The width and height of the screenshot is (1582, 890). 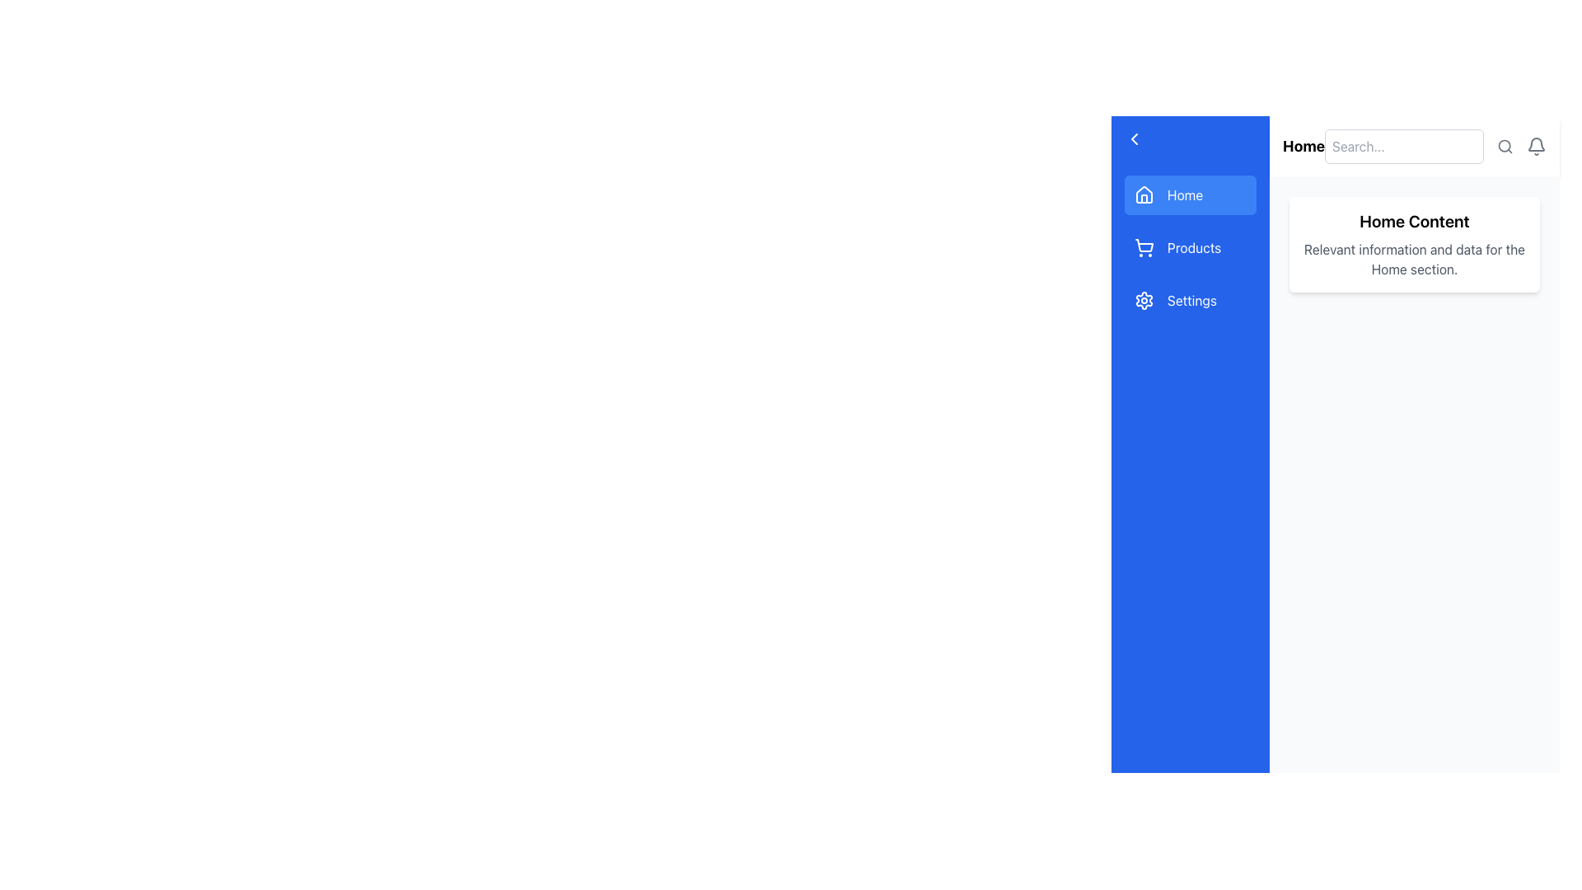 I want to click on the third menu item in the navigation menu located in the left sidebar, so click(x=1190, y=301).